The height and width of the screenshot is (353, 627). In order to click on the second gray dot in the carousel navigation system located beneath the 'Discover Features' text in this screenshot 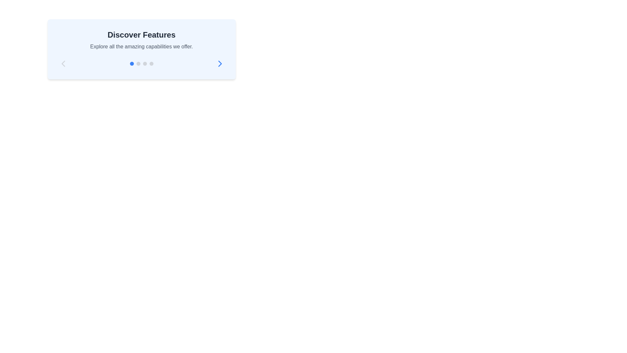, I will do `click(138, 64)`.